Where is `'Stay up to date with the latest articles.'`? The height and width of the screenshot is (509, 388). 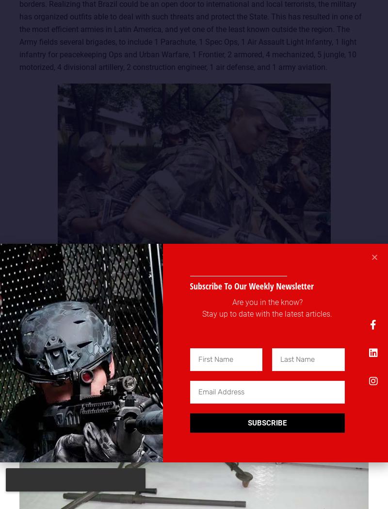 'Stay up to date with the latest articles.' is located at coordinates (202, 313).